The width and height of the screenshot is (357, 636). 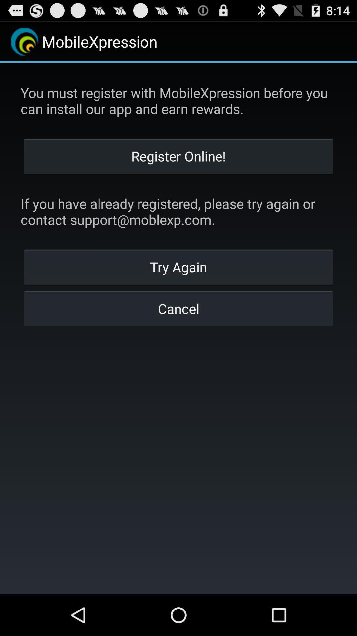 What do you see at coordinates (178, 155) in the screenshot?
I see `the item below you must register` at bounding box center [178, 155].